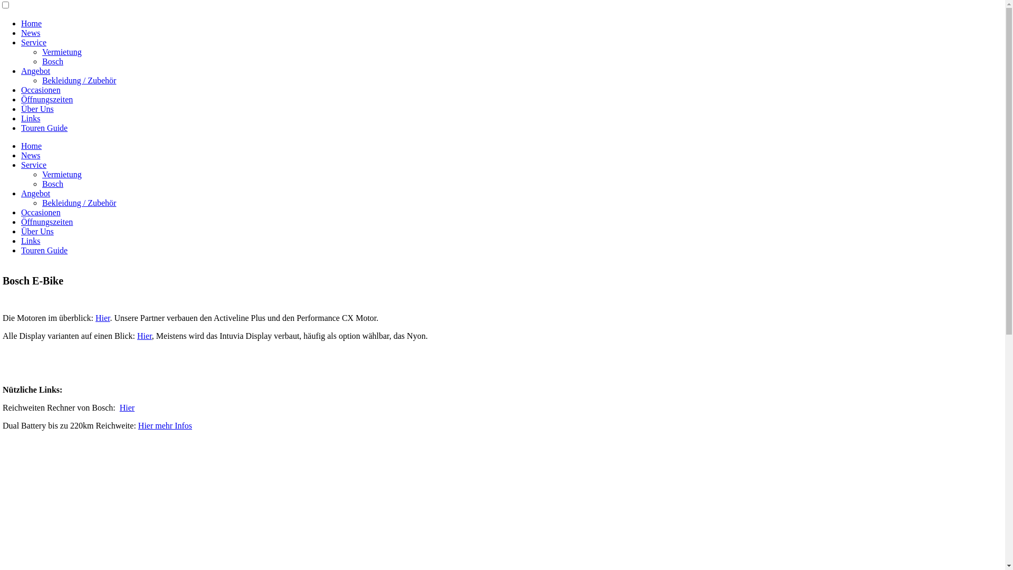 The height and width of the screenshot is (570, 1013). I want to click on 'Hier', so click(136, 336).